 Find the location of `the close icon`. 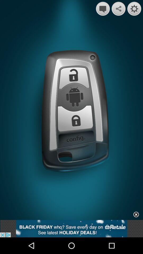

the close icon is located at coordinates (136, 229).